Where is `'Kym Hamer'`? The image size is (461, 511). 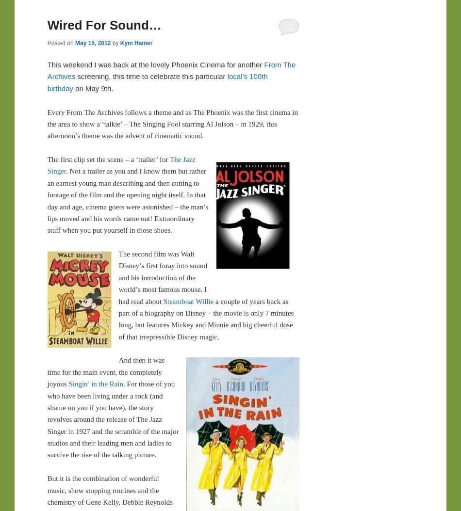 'Kym Hamer' is located at coordinates (135, 42).